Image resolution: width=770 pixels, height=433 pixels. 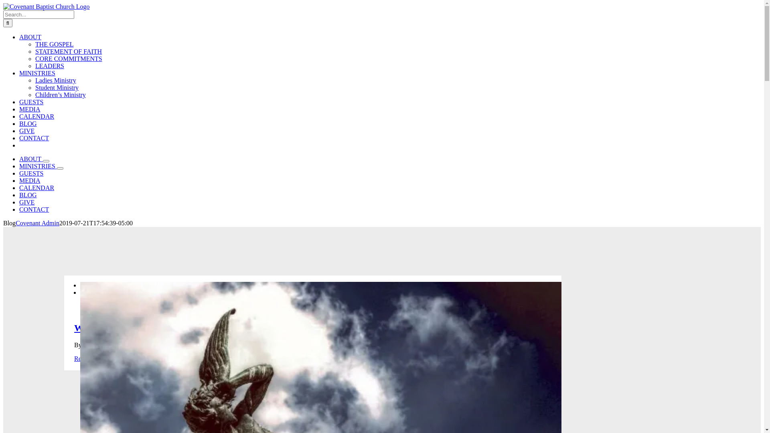 I want to click on 'LEADERS', so click(x=49, y=65).